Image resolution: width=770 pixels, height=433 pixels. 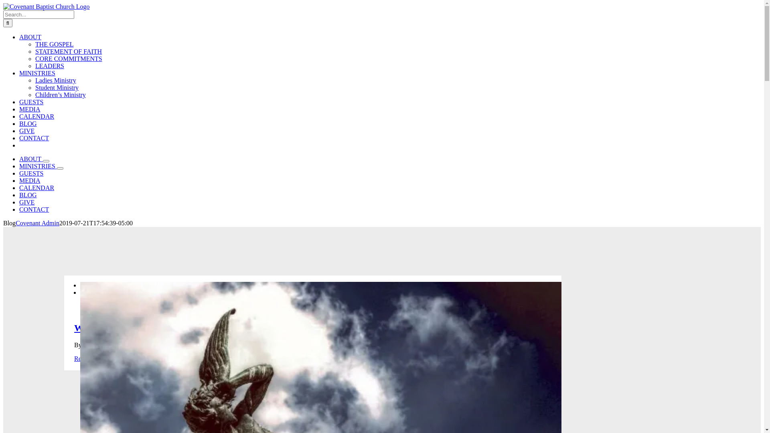 I want to click on 'LEADERS', so click(x=49, y=65).